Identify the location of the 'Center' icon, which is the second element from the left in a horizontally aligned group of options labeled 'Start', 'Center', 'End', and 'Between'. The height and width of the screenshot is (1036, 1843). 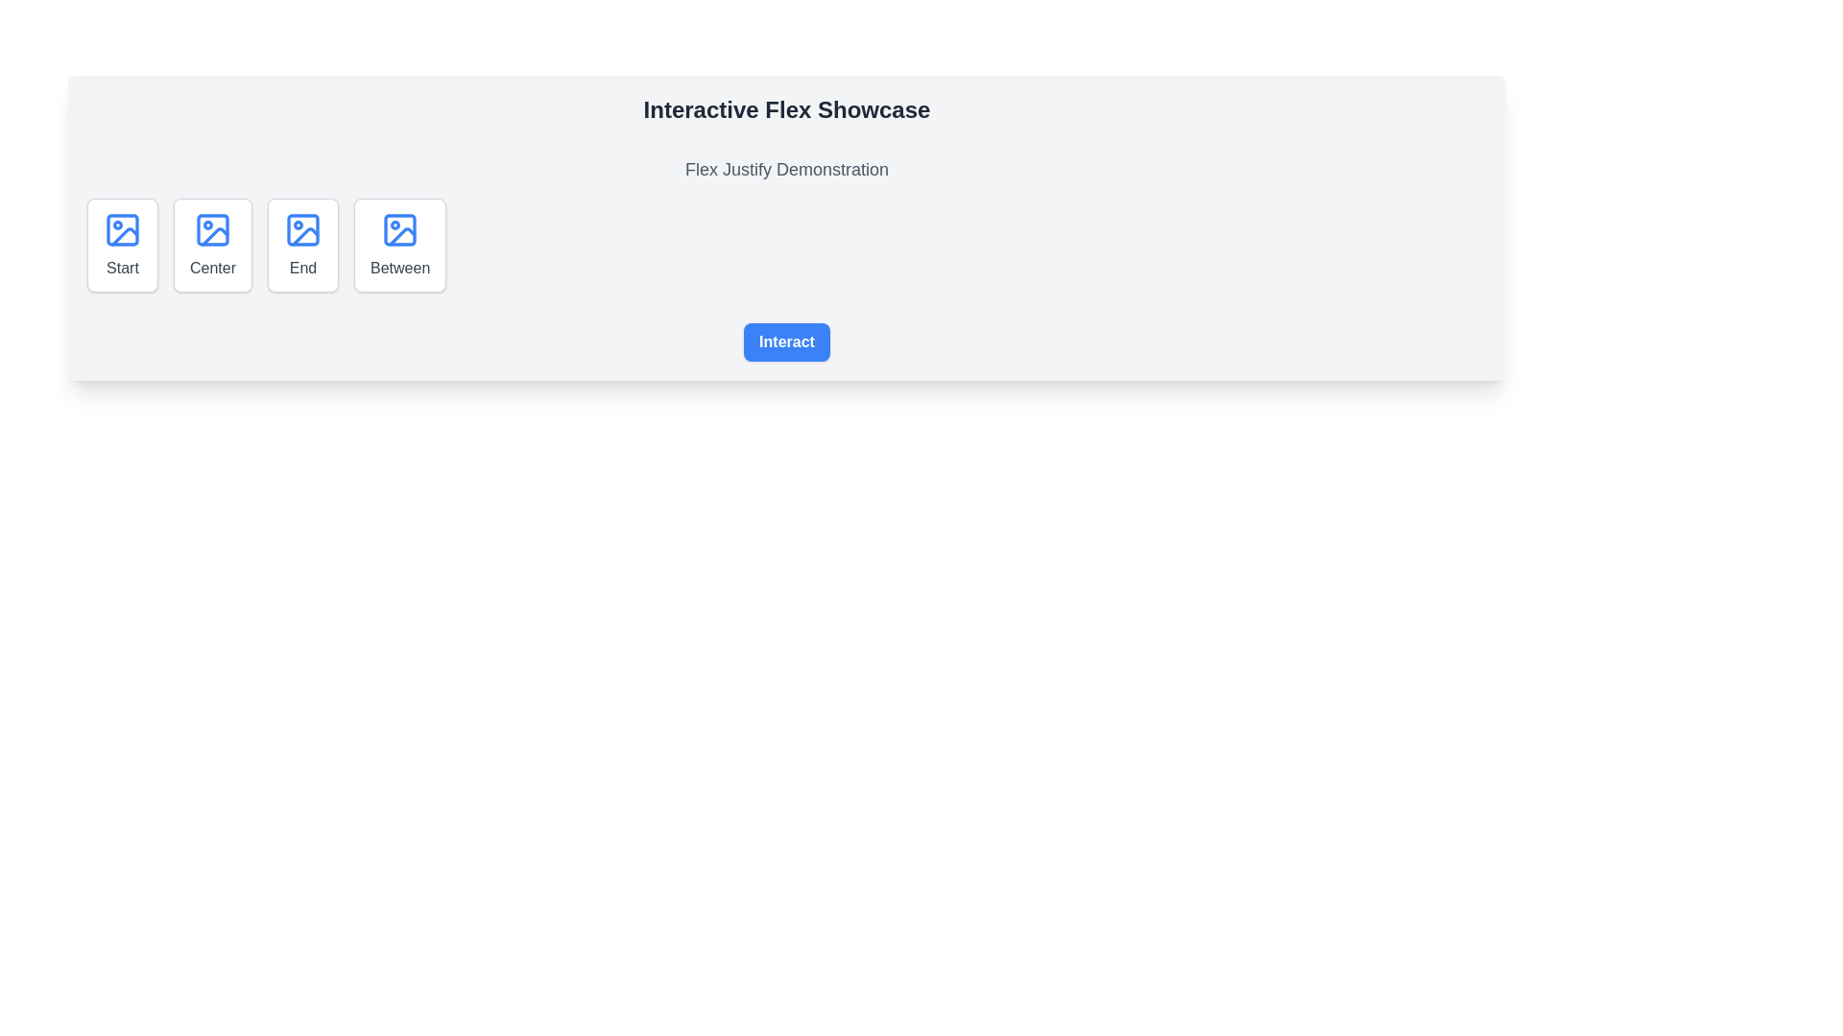
(212, 228).